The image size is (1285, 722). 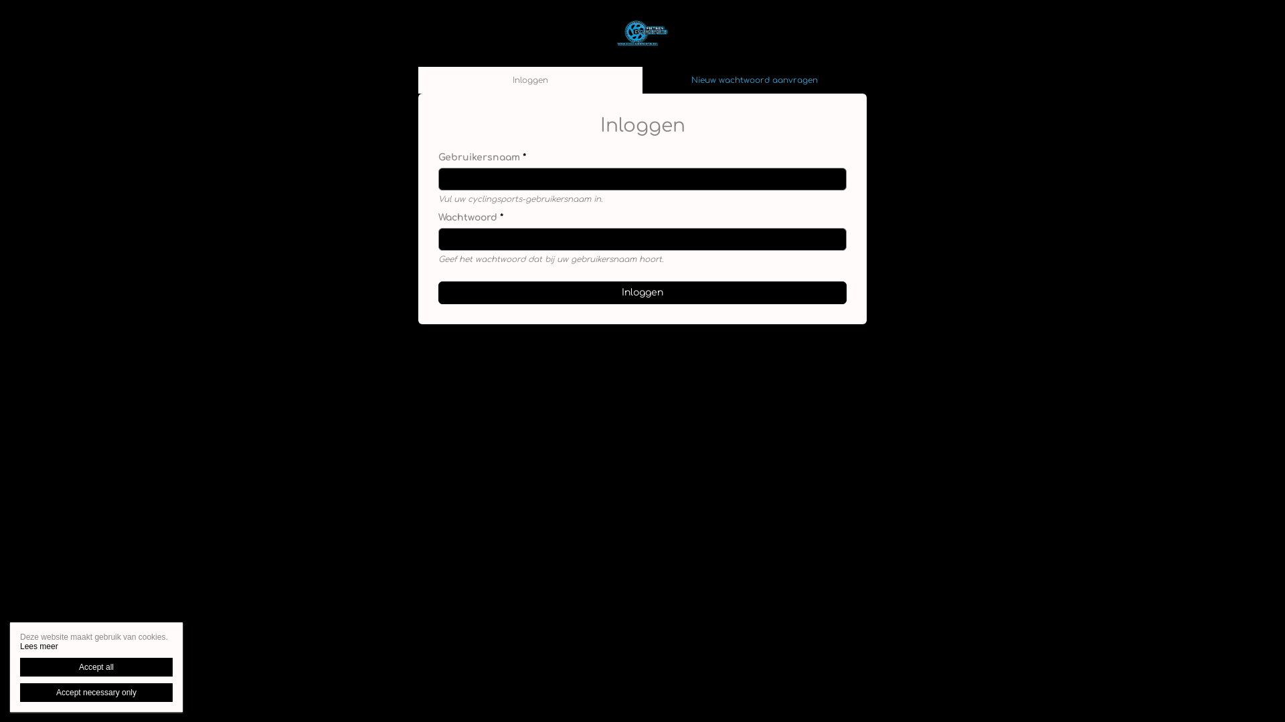 I want to click on 'Home', so click(x=616, y=32).